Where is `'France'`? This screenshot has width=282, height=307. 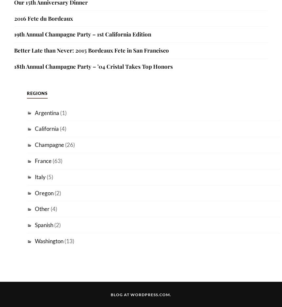
'France' is located at coordinates (42, 160).